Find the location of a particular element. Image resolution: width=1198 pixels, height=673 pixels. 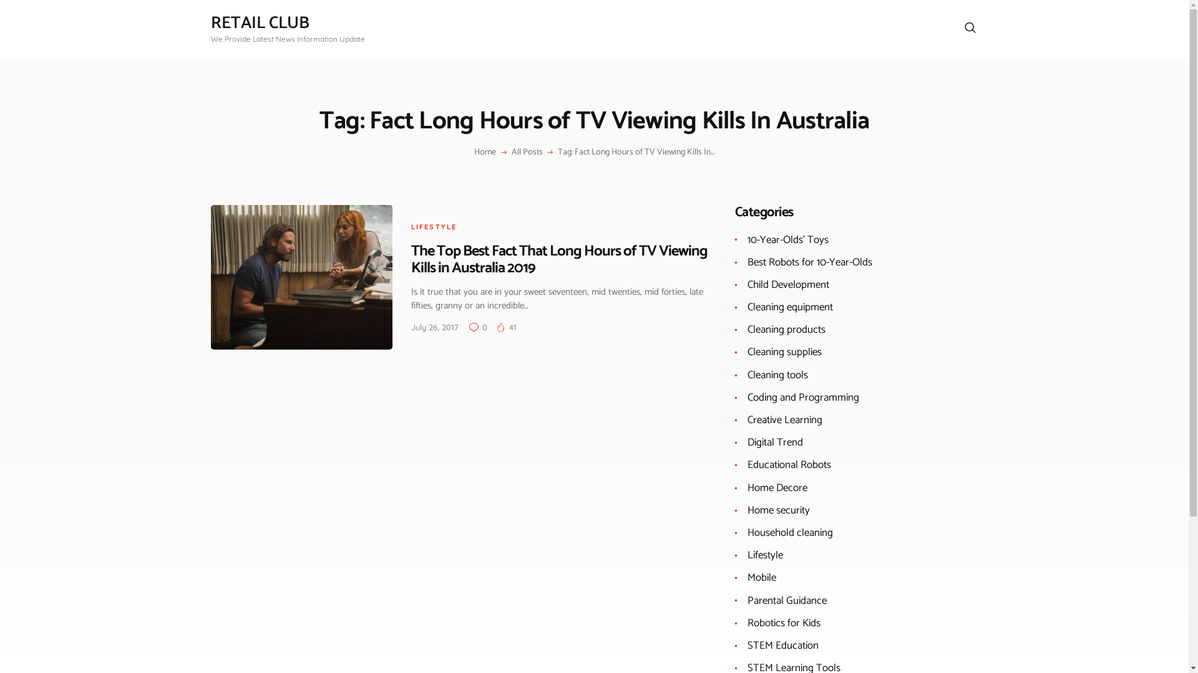

'Cleaning tools' is located at coordinates (777, 374).